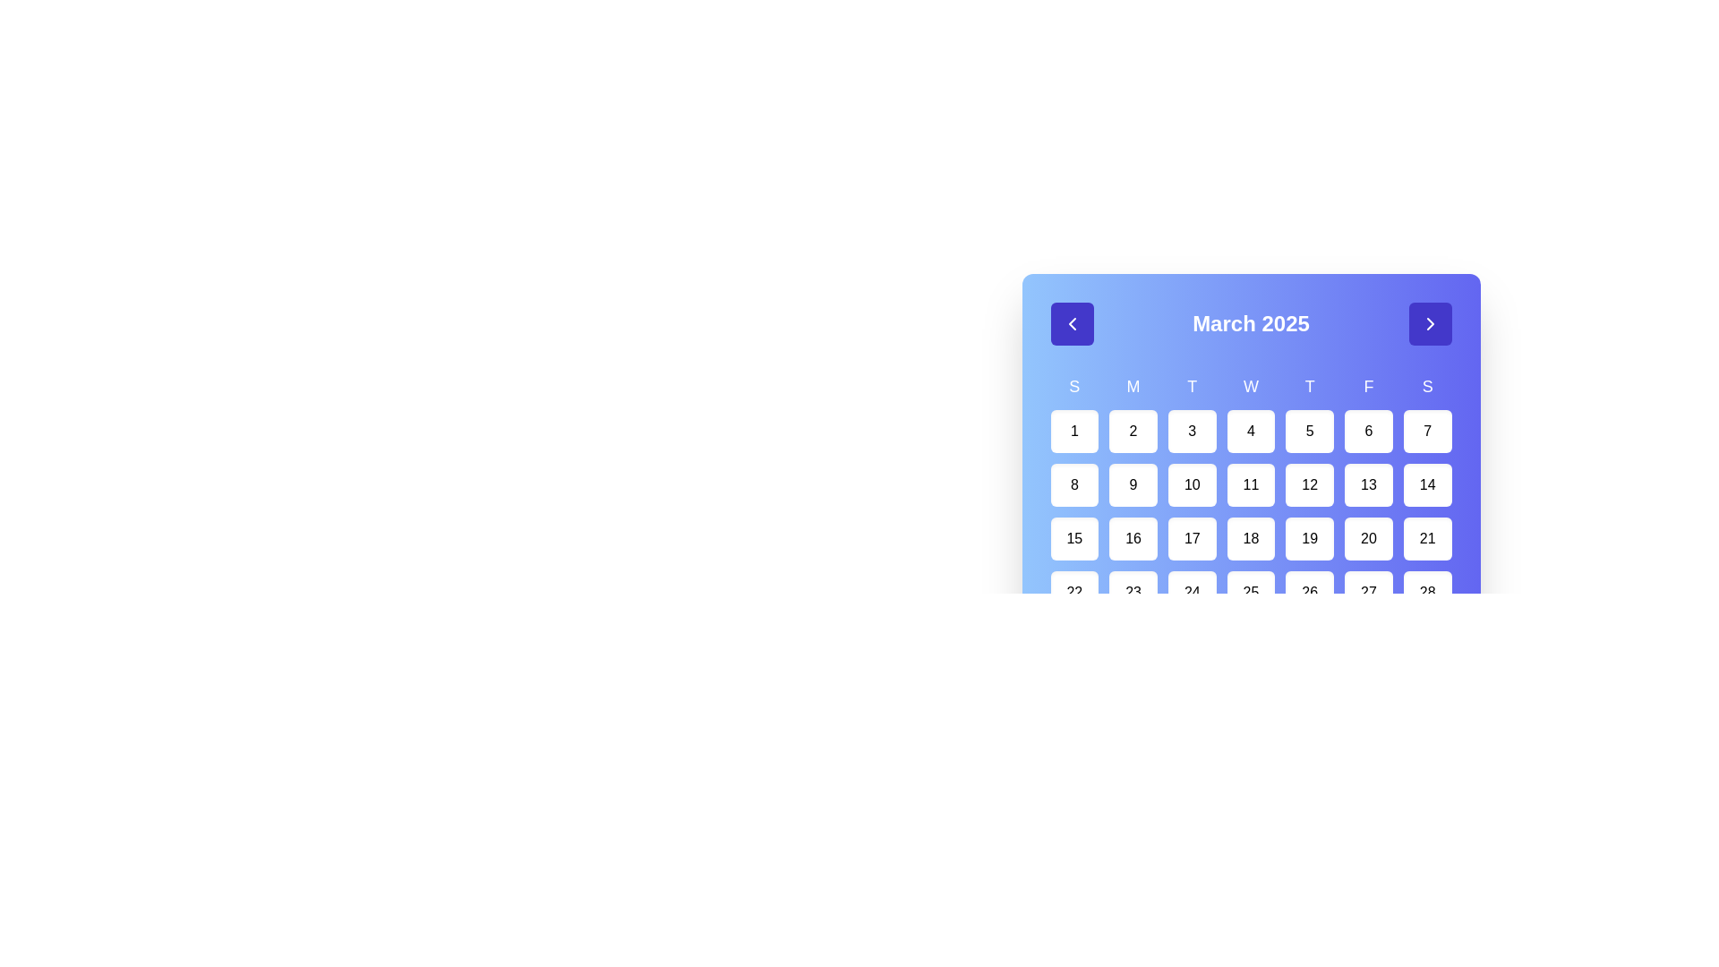 The height and width of the screenshot is (967, 1719). Describe the element at coordinates (1074, 386) in the screenshot. I see `text label representing the abbreviation of Sunday, located in the top row of the calendar widget, aligned leftmost in the days of the week header` at that location.